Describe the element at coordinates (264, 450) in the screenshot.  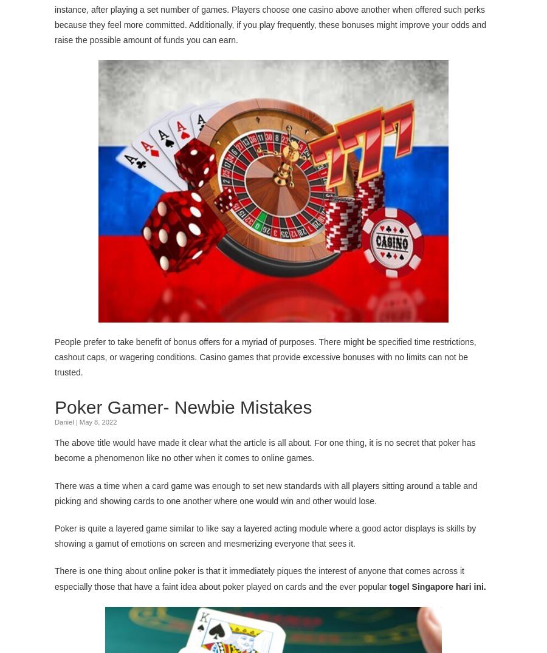
I see `'The above title would have made it clear what the article is all about. For one thing, it is no secret that poker has become a phenomenon like no other when it comes to online games.'` at that location.